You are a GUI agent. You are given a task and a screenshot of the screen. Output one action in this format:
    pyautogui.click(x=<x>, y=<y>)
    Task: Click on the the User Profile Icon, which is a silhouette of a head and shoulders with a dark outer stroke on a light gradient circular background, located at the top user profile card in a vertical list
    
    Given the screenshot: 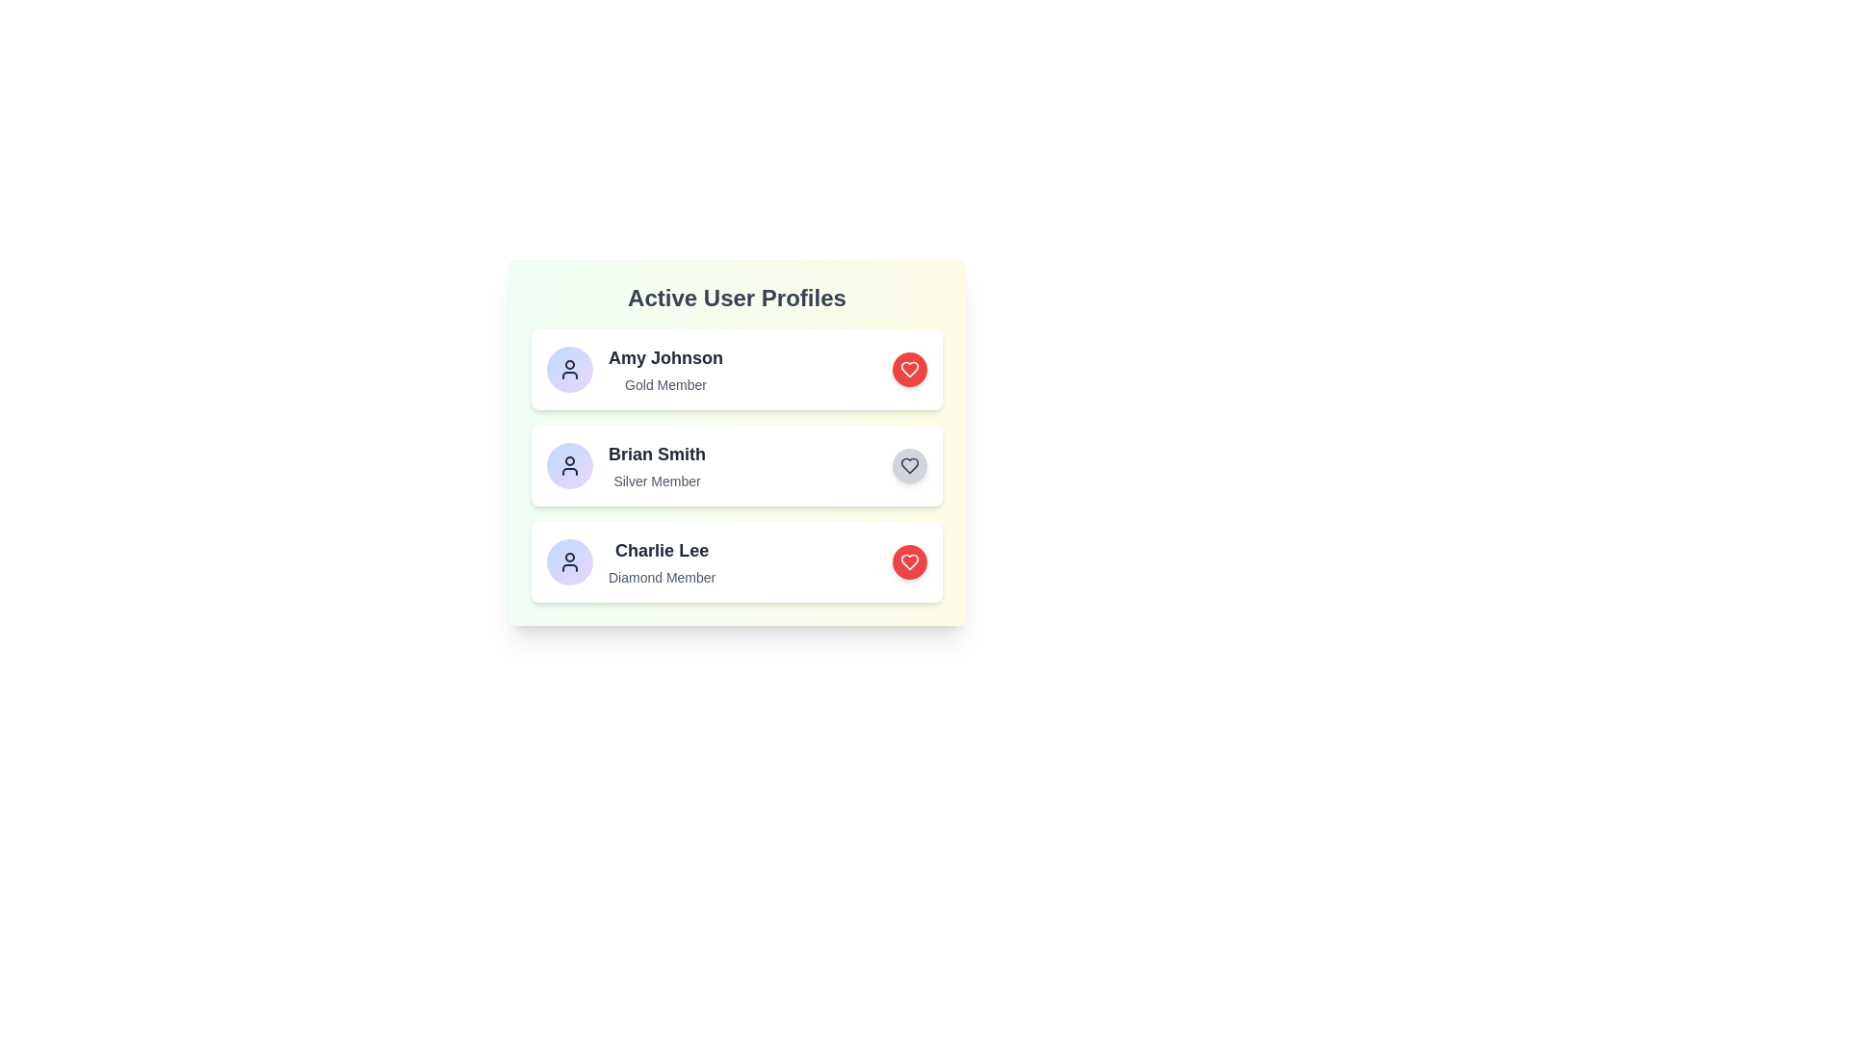 What is the action you would take?
    pyautogui.click(x=568, y=370)
    